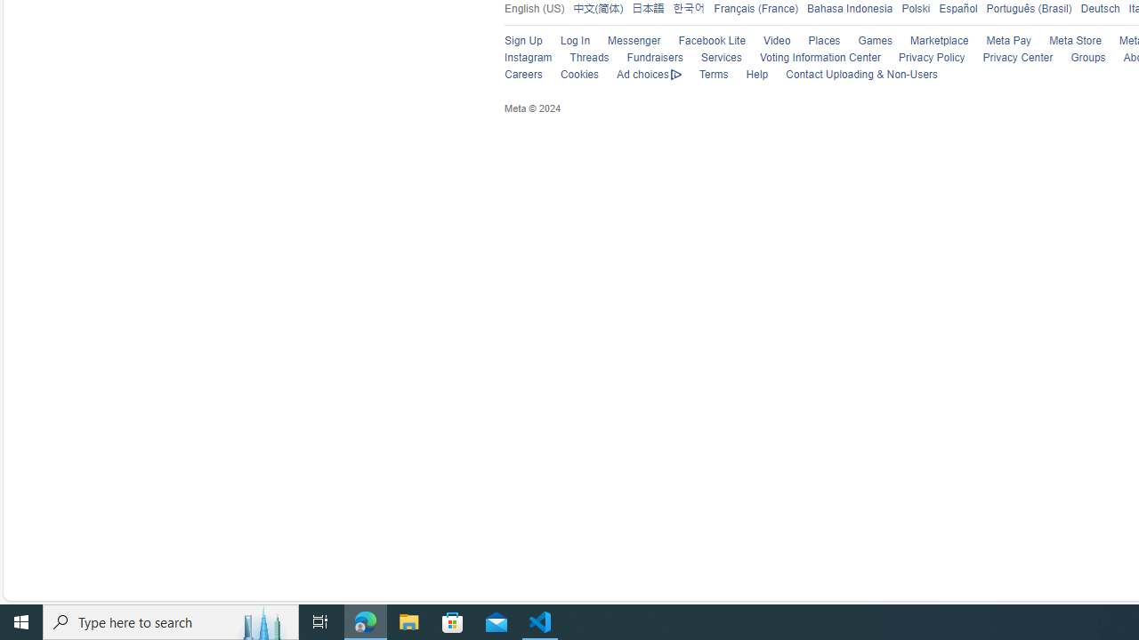 This screenshot has height=640, width=1139. Describe the element at coordinates (1095, 8) in the screenshot. I see `'Deutsch'` at that location.